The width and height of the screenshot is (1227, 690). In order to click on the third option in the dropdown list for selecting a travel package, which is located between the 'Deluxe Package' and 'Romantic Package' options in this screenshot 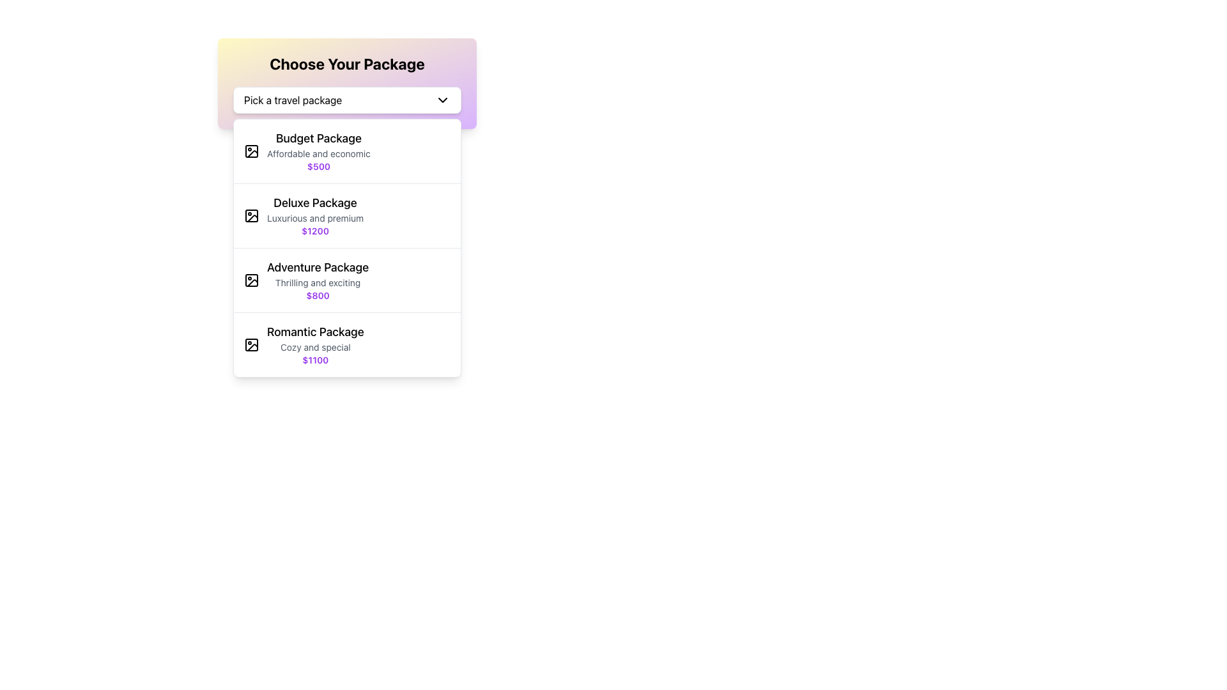, I will do `click(347, 280)`.